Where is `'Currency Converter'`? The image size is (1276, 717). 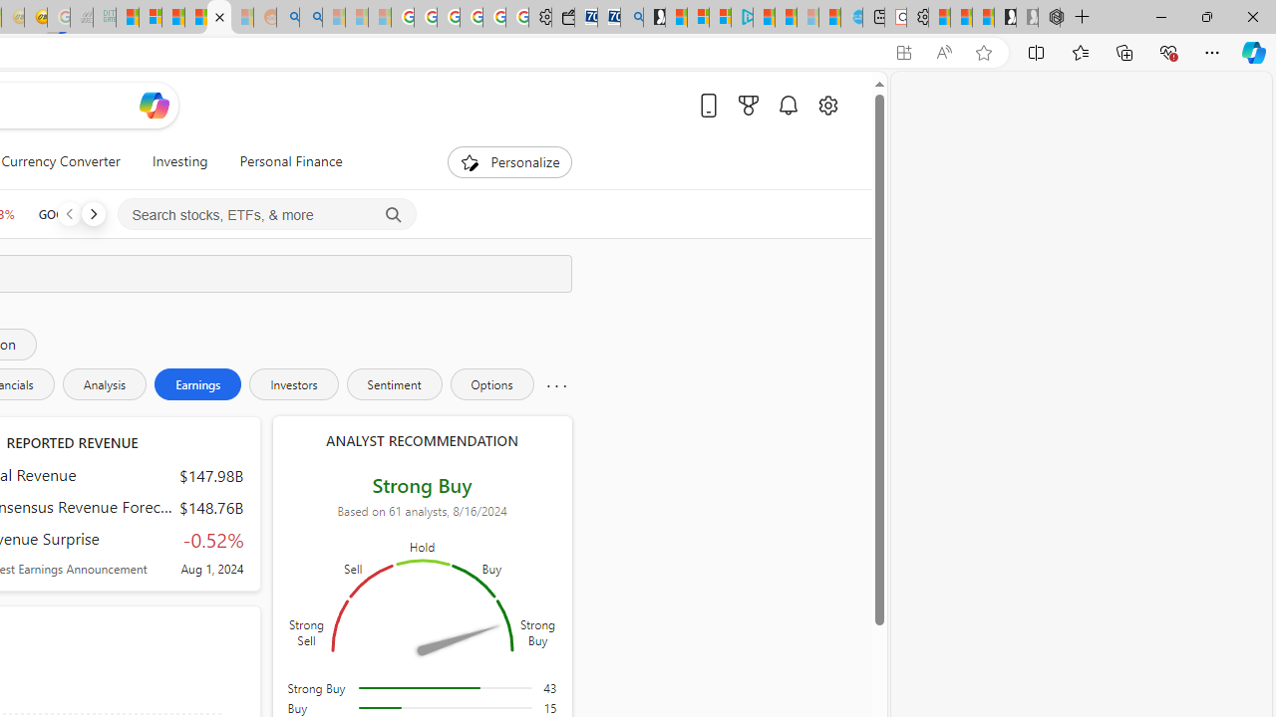 'Currency Converter' is located at coordinates (61, 161).